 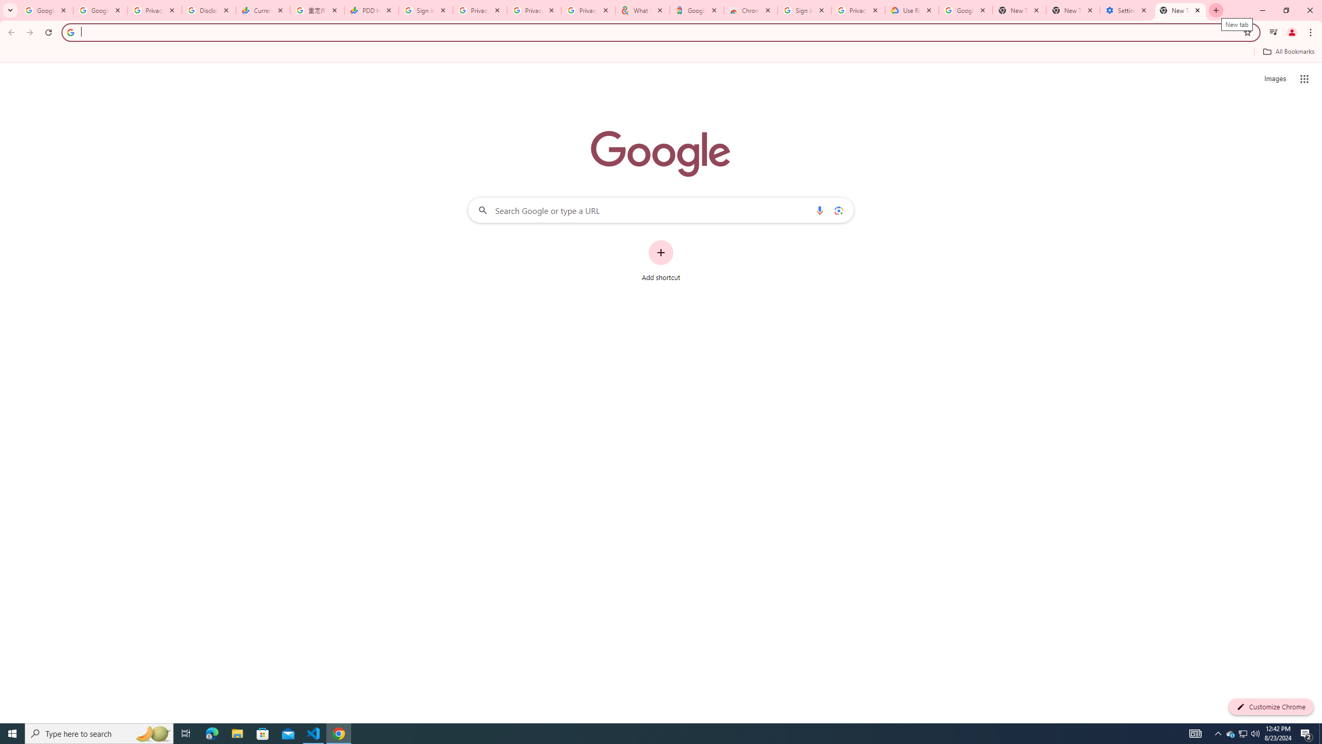 I want to click on 'Privacy Checkup', so click(x=534, y=10).